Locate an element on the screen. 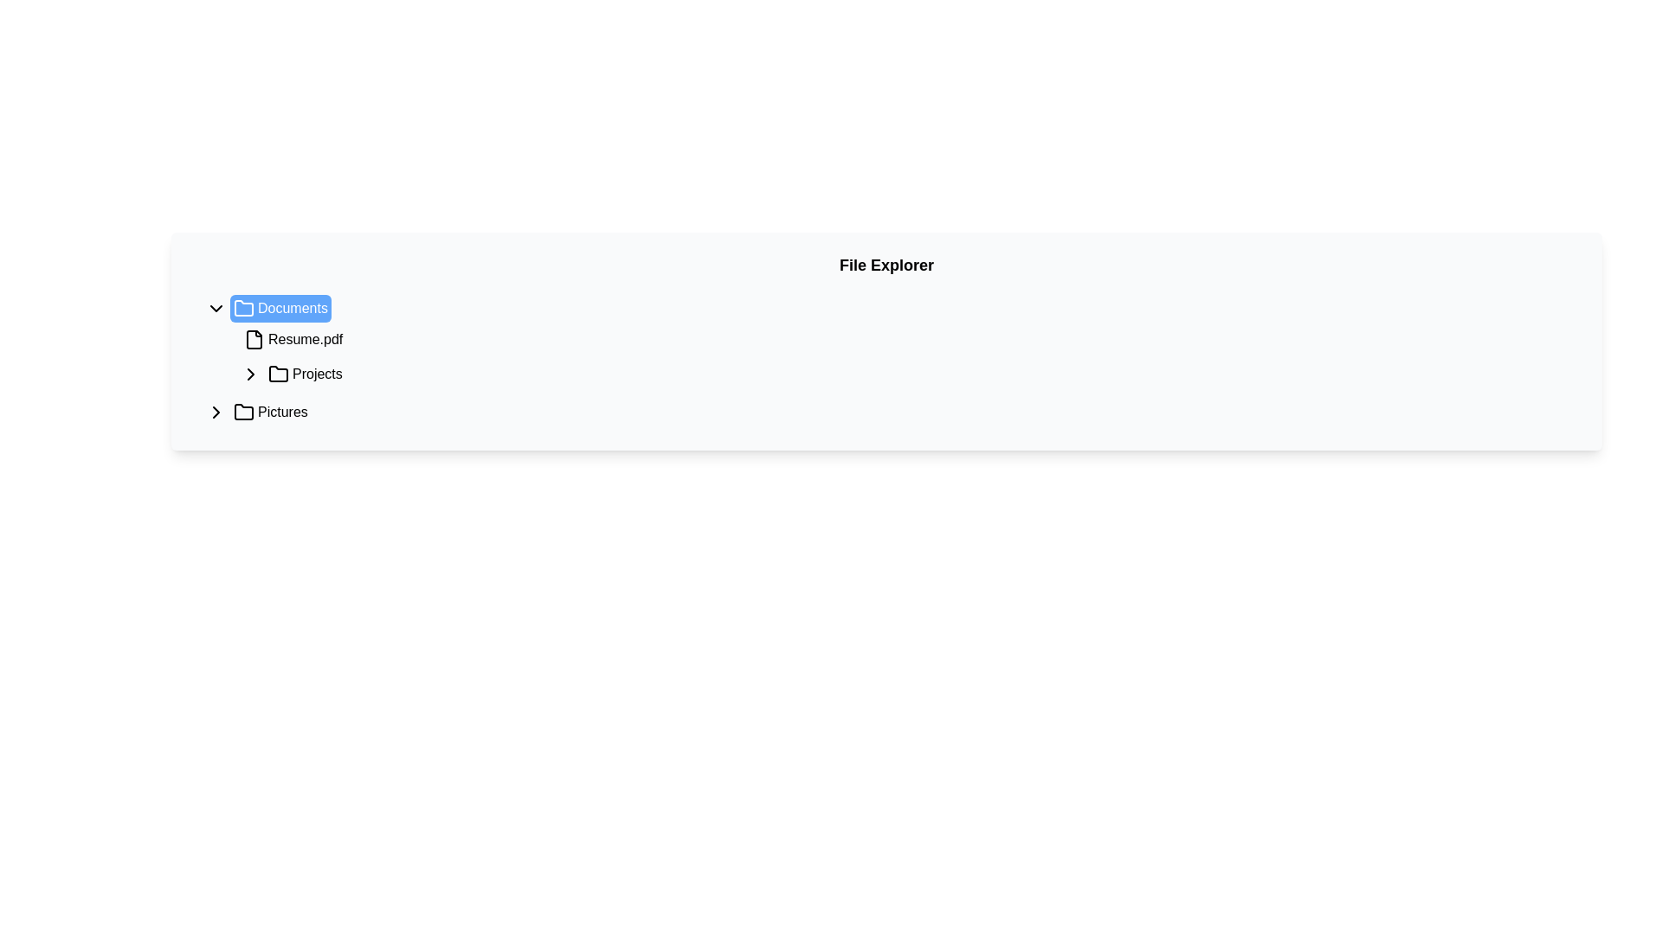 This screenshot has height=934, width=1662. the file entry named 'Resume.pdf' in the file explorer is located at coordinates (293, 340).